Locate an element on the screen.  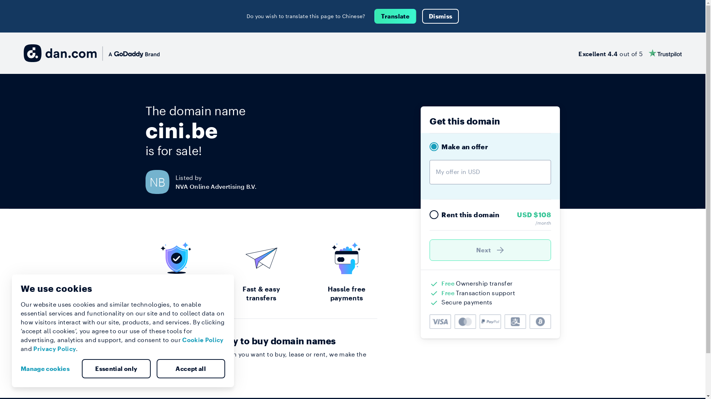
'Manage cookies' is located at coordinates (47, 369).